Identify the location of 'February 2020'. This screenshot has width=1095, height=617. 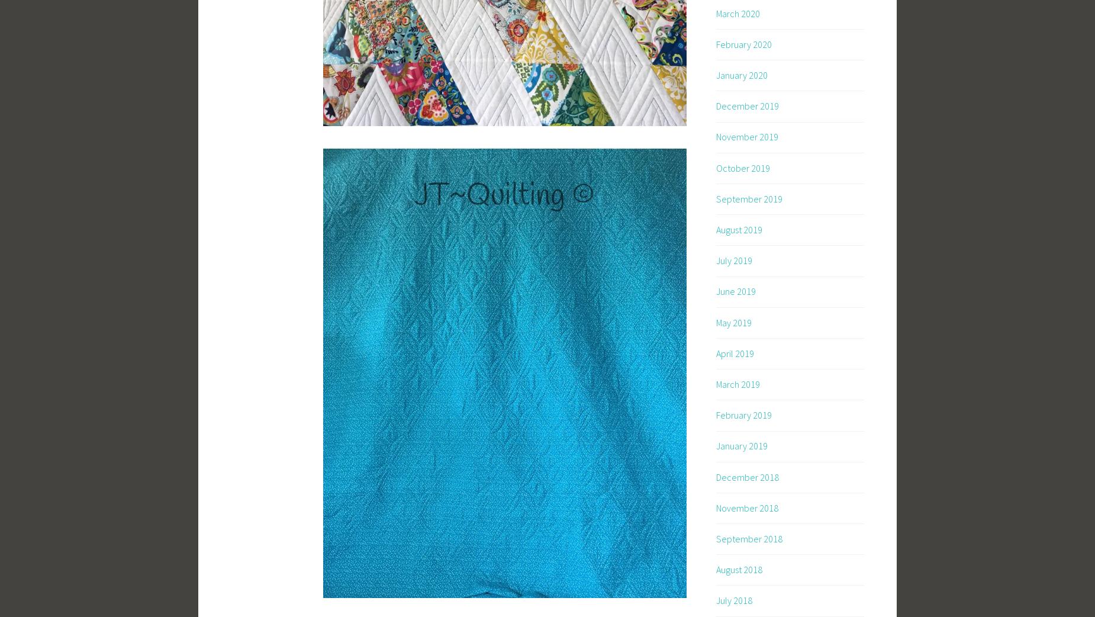
(743, 43).